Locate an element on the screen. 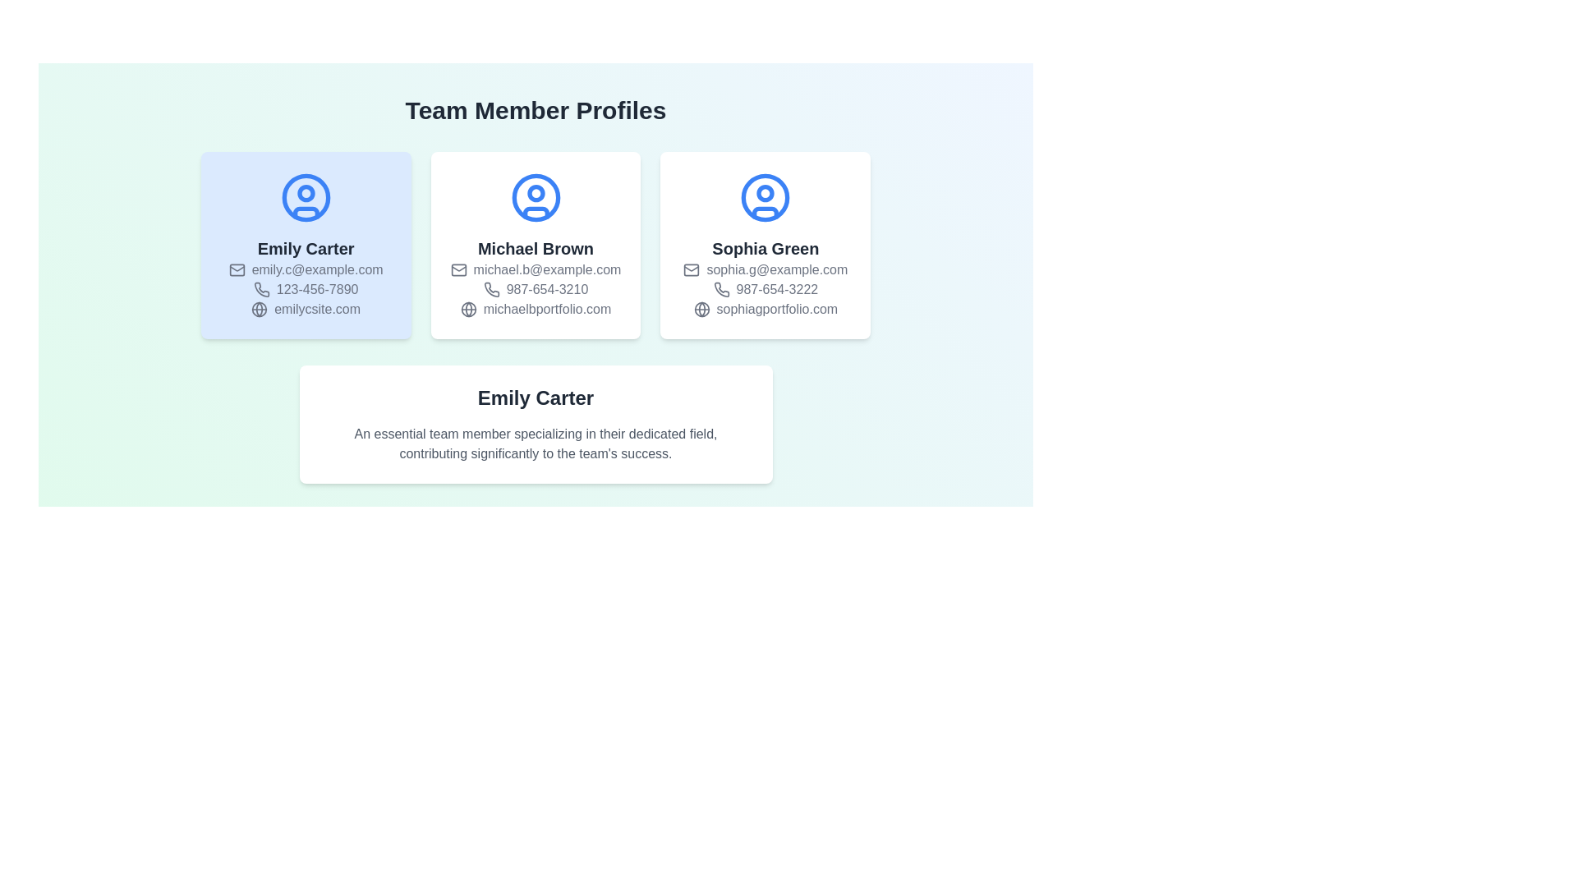  the curved phone icon within the 'Team Member Profiles' section for 'Emily Carter', located above the phone number 123-456-7890 is located at coordinates (260, 288).